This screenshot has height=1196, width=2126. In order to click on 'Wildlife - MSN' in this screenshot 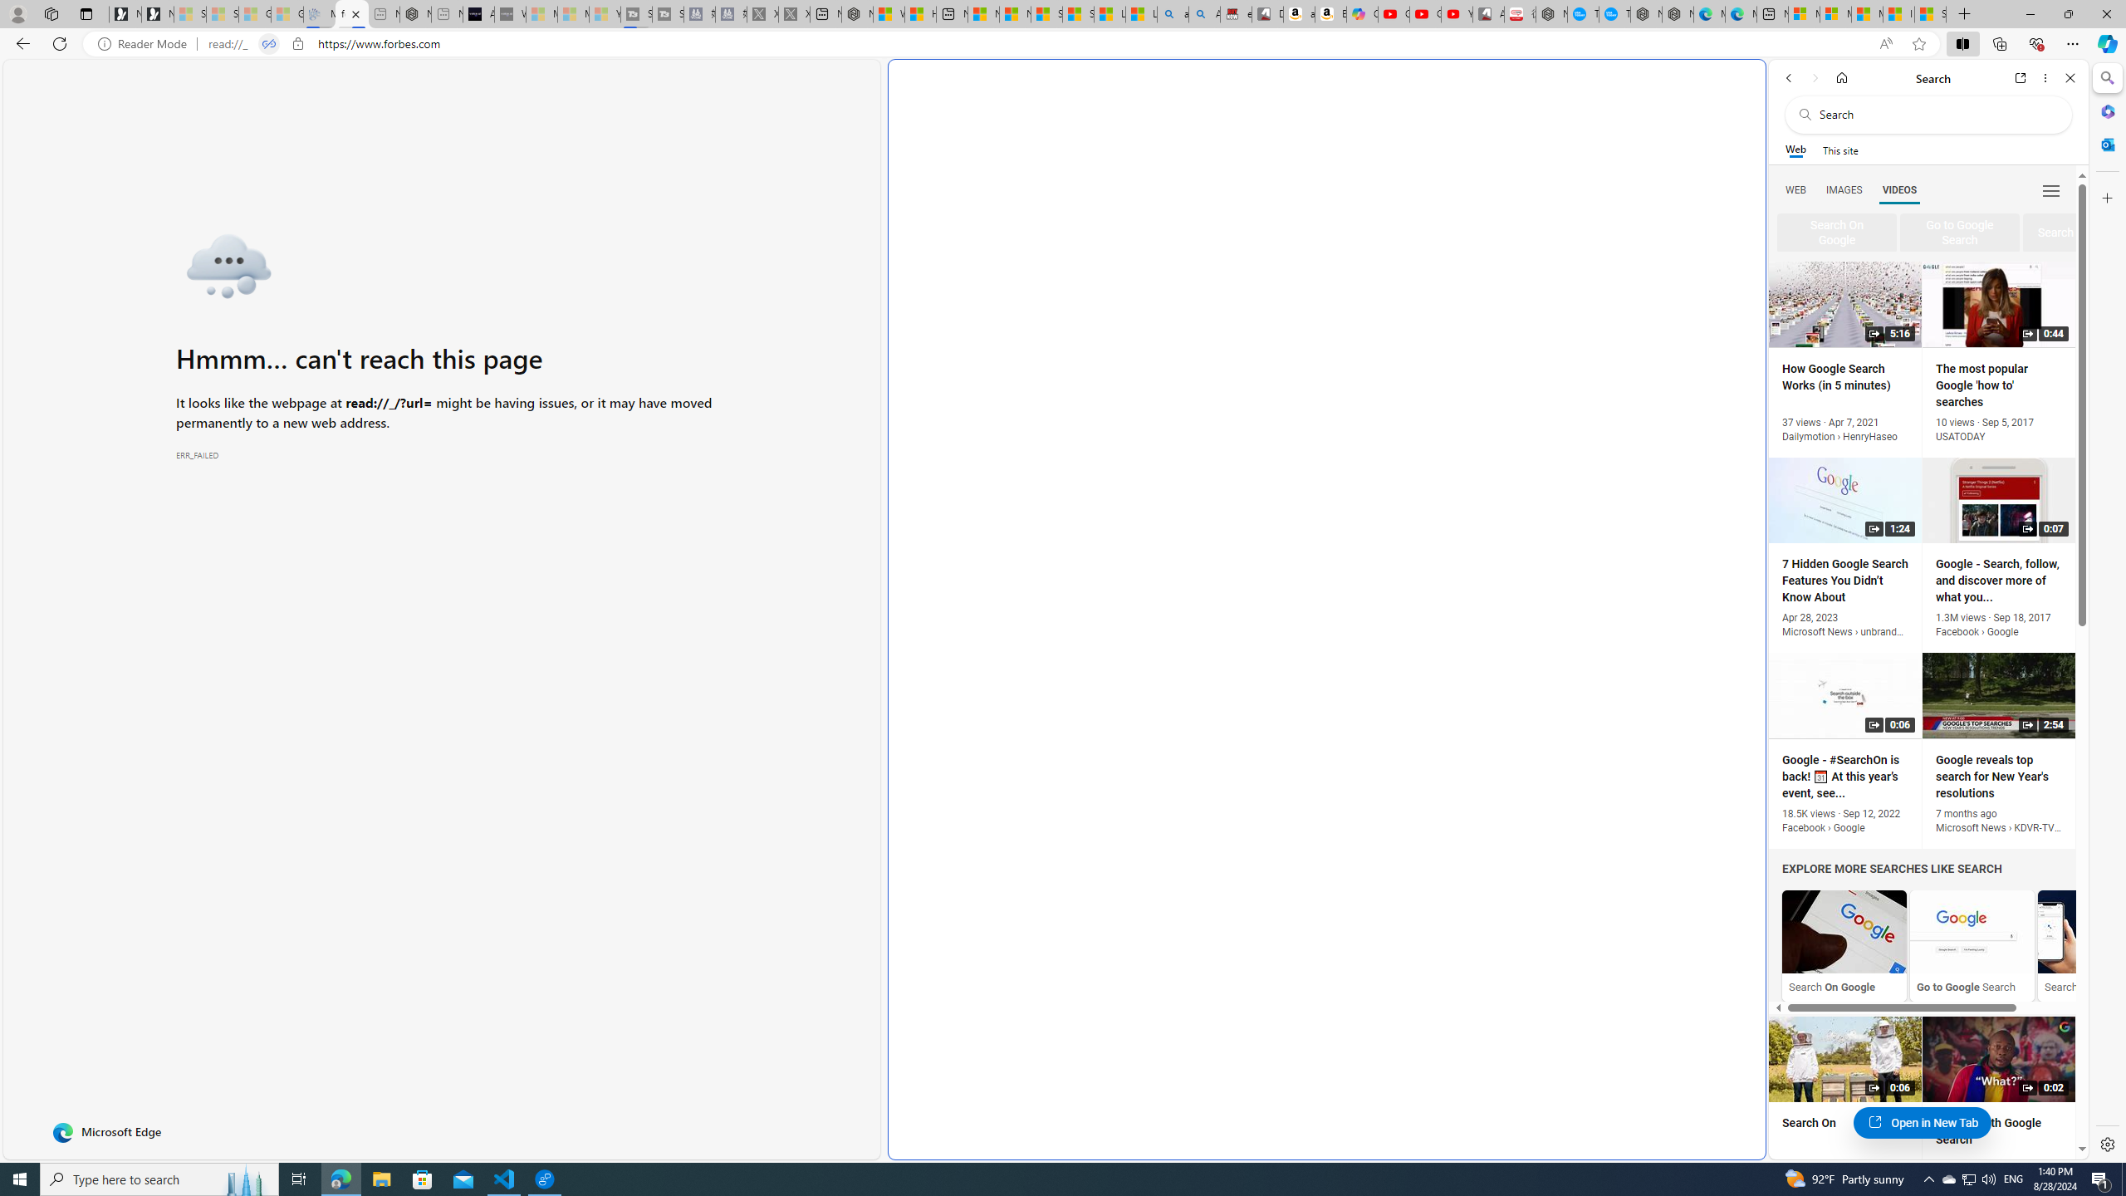, I will do `click(888, 13)`.